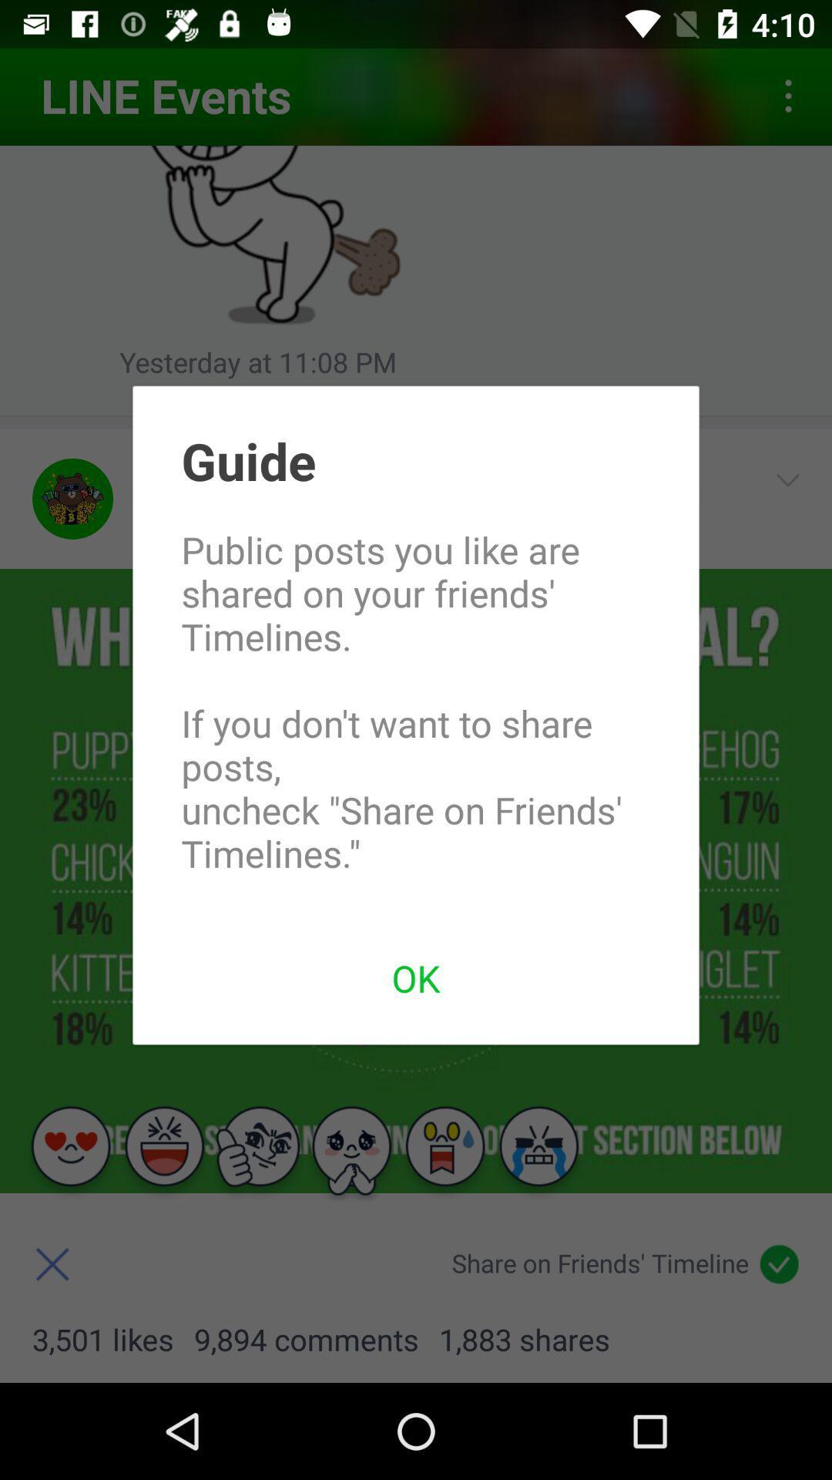 This screenshot has height=1480, width=832. What do you see at coordinates (416, 977) in the screenshot?
I see `the ok button` at bounding box center [416, 977].